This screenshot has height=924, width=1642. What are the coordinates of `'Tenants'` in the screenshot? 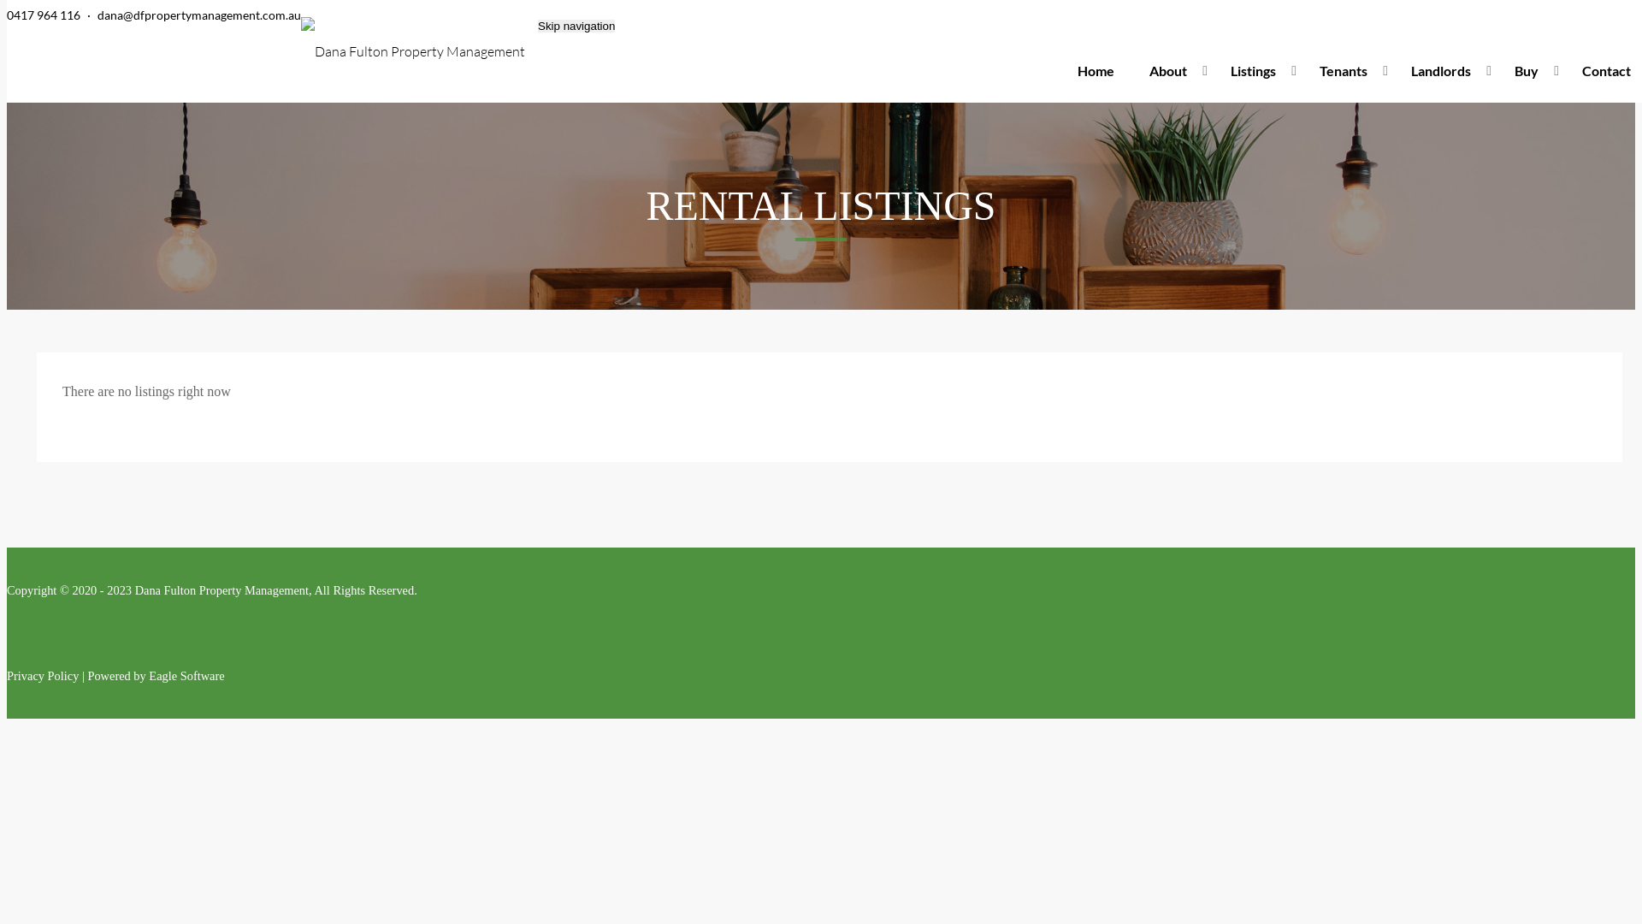 It's located at (1346, 70).